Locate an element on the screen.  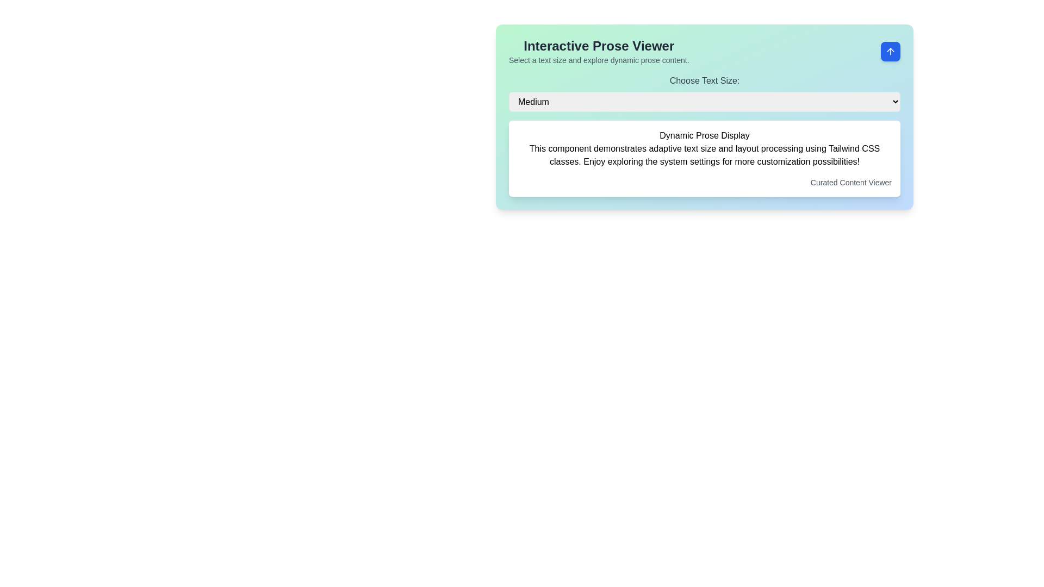
the blue square button with rounded corners and an upward-facing white arrow icon in the 'Interactive Prose Viewer' section is located at coordinates (890, 52).